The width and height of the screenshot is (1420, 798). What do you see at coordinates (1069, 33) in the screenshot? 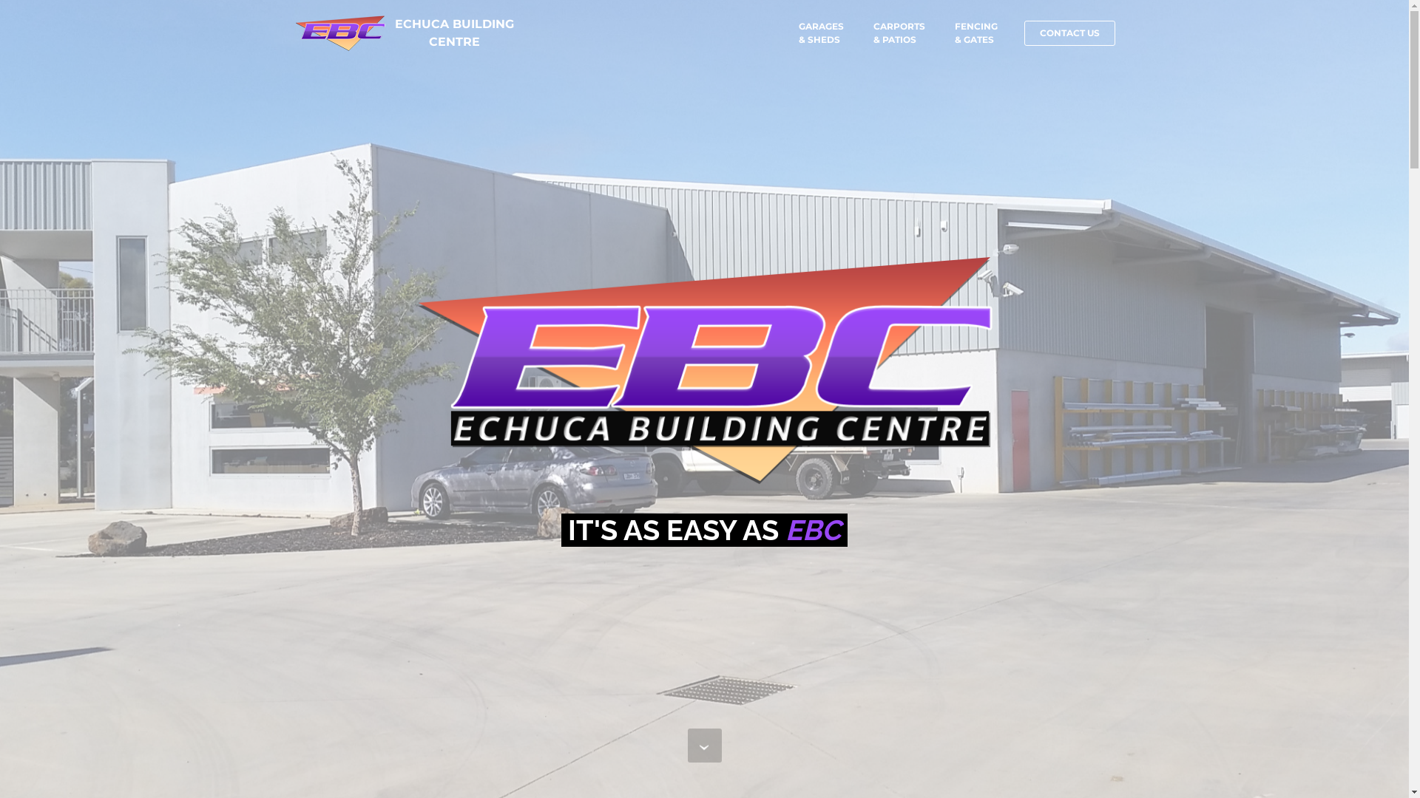
I see `'CONTACT US'` at bounding box center [1069, 33].